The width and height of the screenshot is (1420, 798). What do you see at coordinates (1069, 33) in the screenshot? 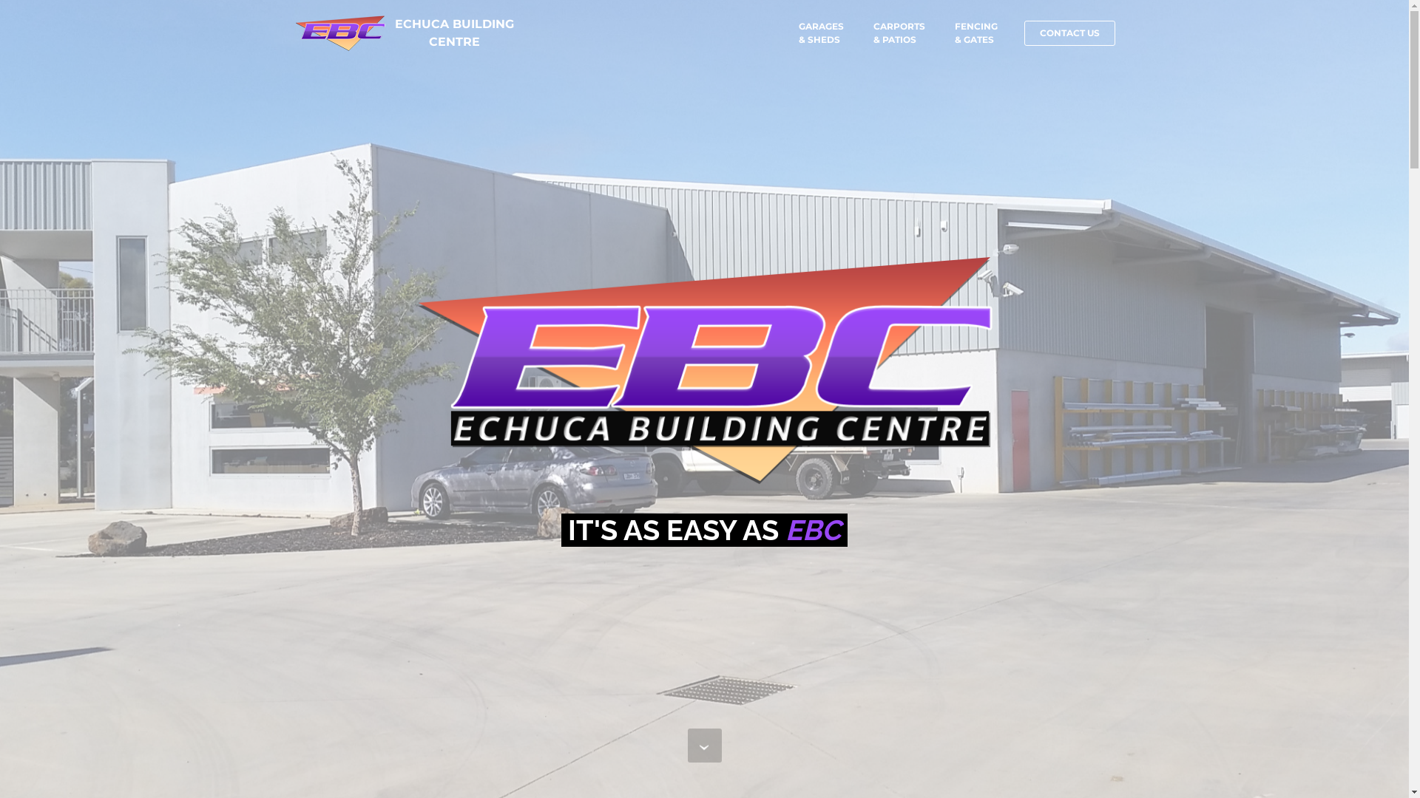
I see `'CONTACT US'` at bounding box center [1069, 33].